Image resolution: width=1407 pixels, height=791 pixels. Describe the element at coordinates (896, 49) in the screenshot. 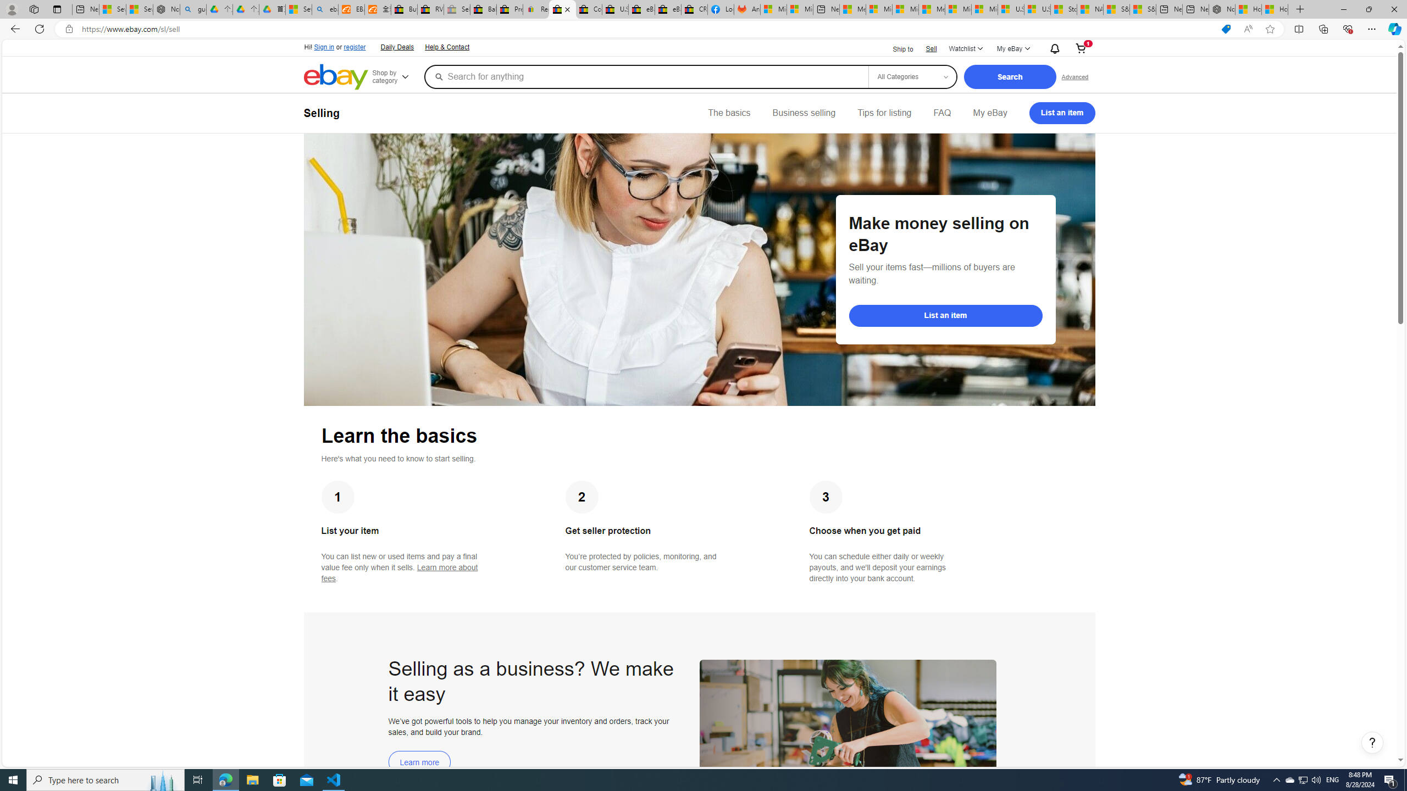

I see `'Ship to'` at that location.